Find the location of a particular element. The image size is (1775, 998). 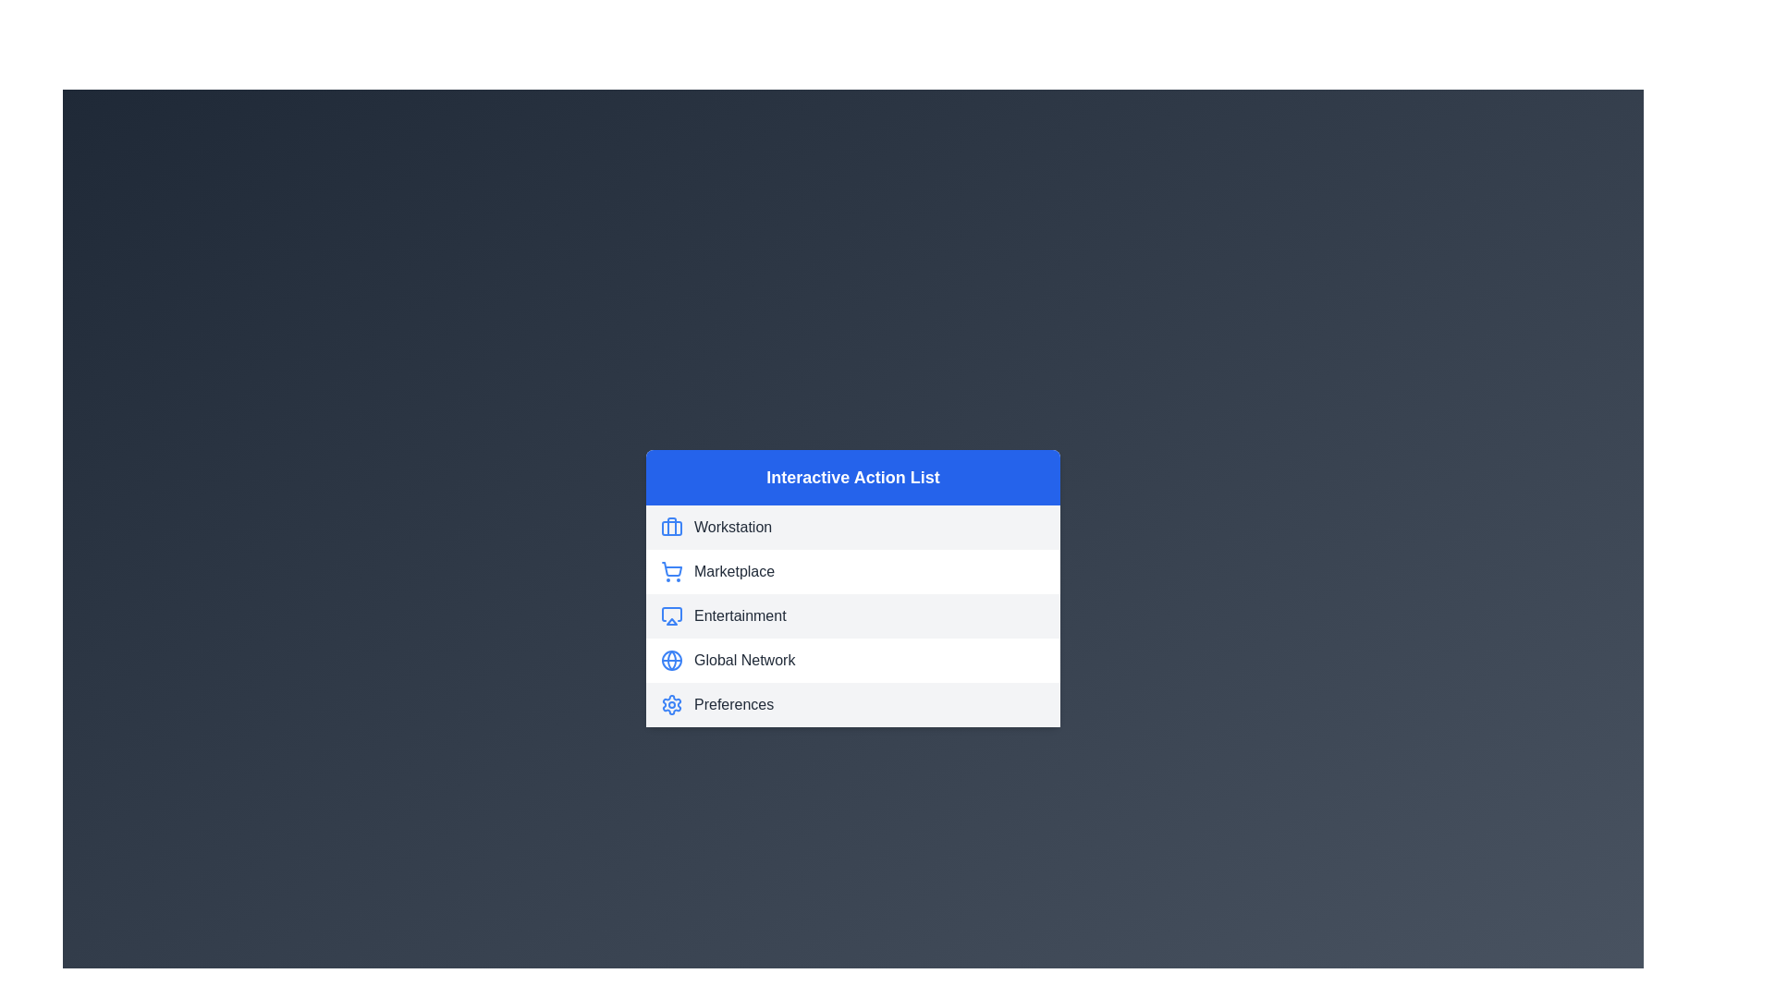

the 'Marketplace' icon in the 'Interactive Action List' interface, which is the second icon in sequence next to its text label is located at coordinates (671, 568).